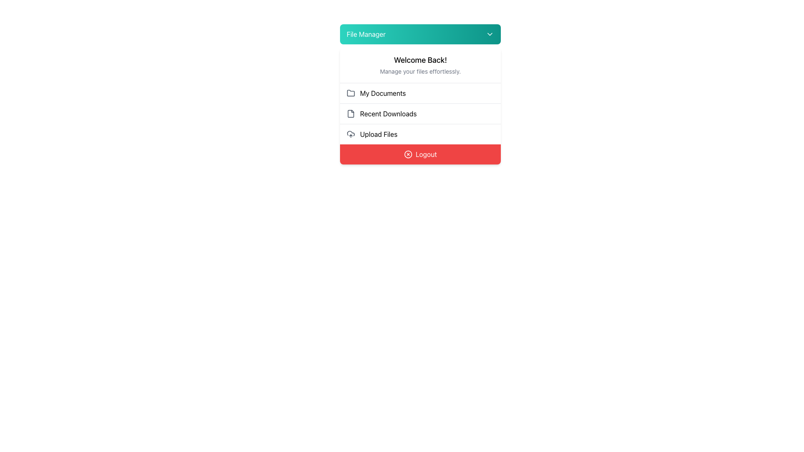 The height and width of the screenshot is (452, 804). I want to click on the 'My Documents' menu item, which is the first item, so click(420, 93).